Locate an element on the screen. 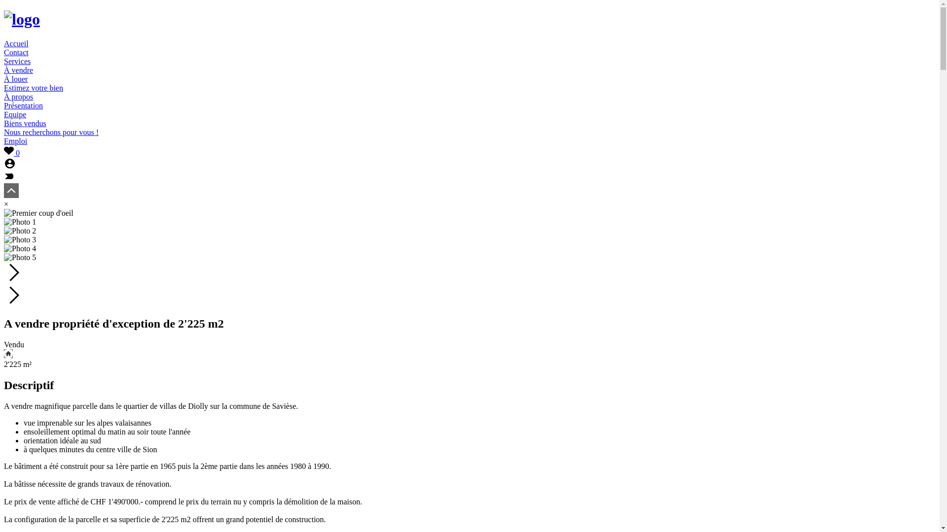 This screenshot has height=532, width=947. 'Emploi' is located at coordinates (15, 141).